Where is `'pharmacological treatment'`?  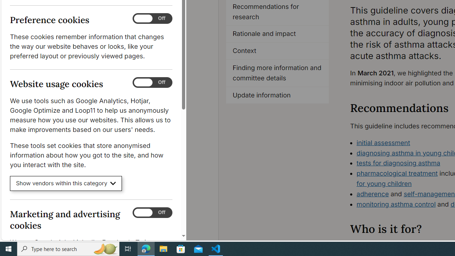 'pharmacological treatment' is located at coordinates (397, 173).